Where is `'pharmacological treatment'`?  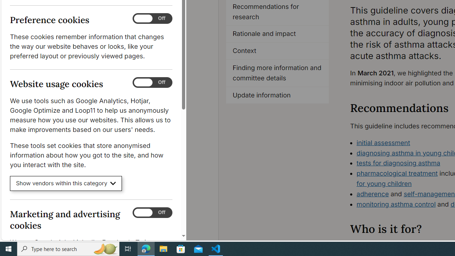 'pharmacological treatment' is located at coordinates (397, 173).